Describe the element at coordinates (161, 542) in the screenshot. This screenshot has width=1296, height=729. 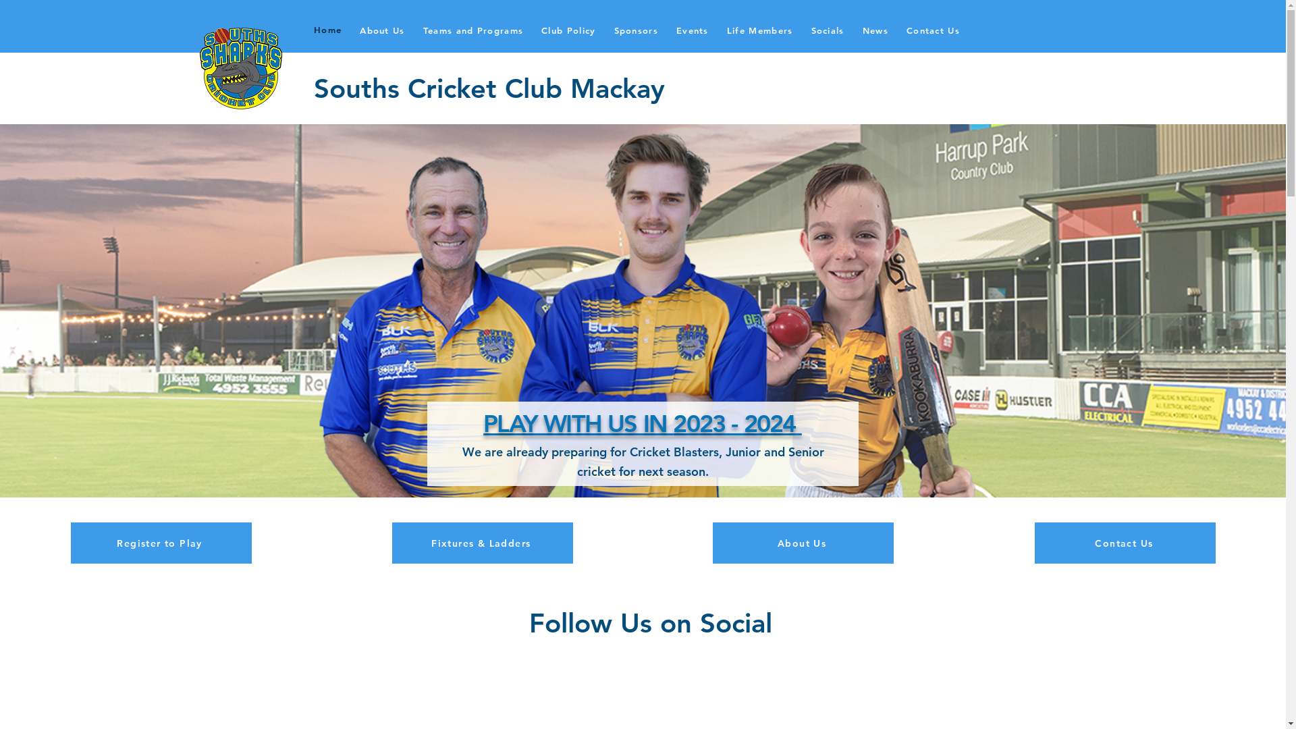
I see `'Register to Play'` at that location.